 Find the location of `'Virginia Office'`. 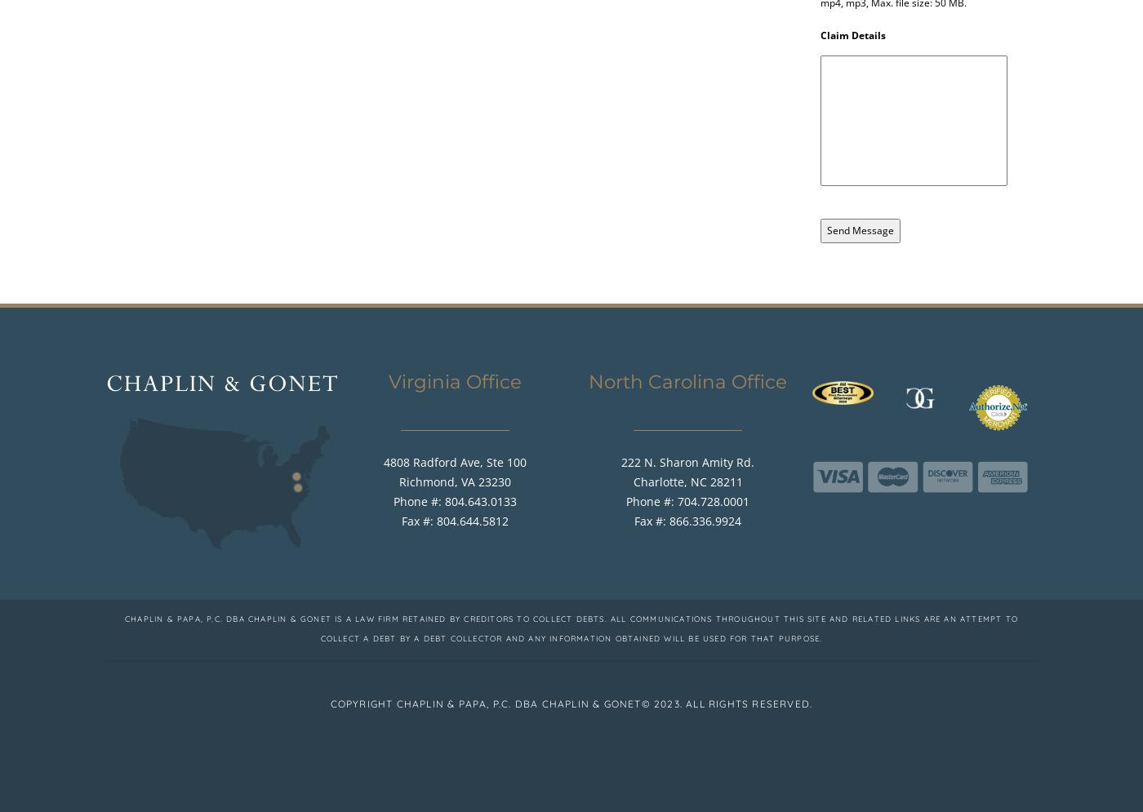

'Virginia Office' is located at coordinates (455, 380).